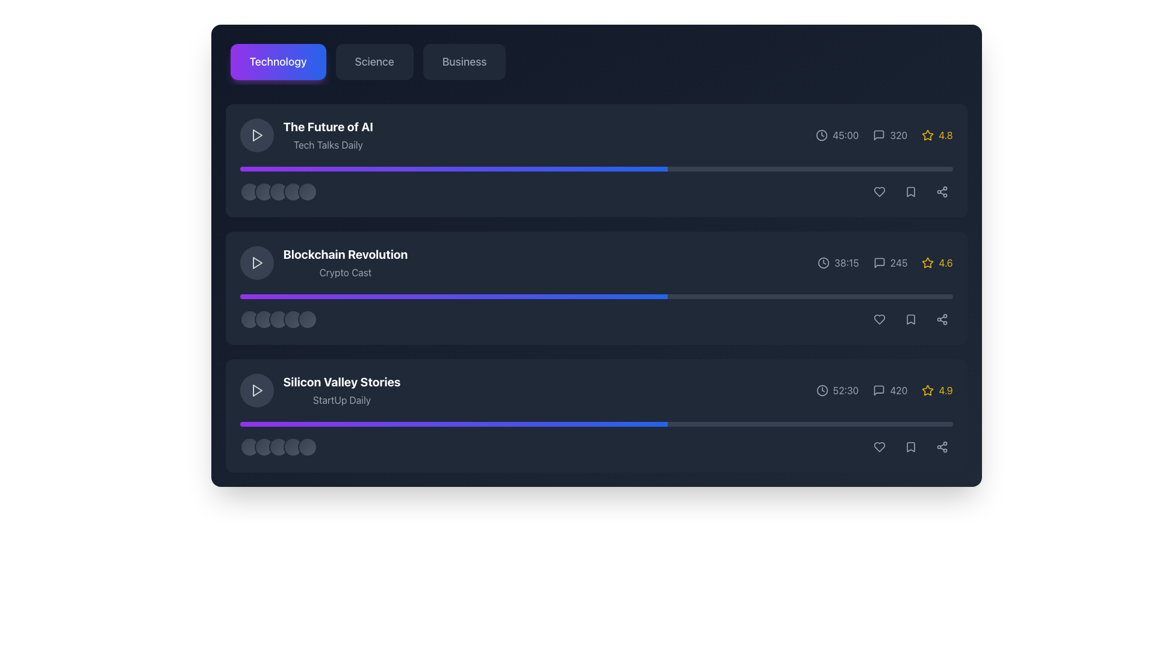 The image size is (1156, 650). I want to click on the star icon in the bottom-right corner of the 'Silicon Valley Stories' podcast section, which indicates the rating or favorite status and is located next to the rating '4.9', so click(927, 390).